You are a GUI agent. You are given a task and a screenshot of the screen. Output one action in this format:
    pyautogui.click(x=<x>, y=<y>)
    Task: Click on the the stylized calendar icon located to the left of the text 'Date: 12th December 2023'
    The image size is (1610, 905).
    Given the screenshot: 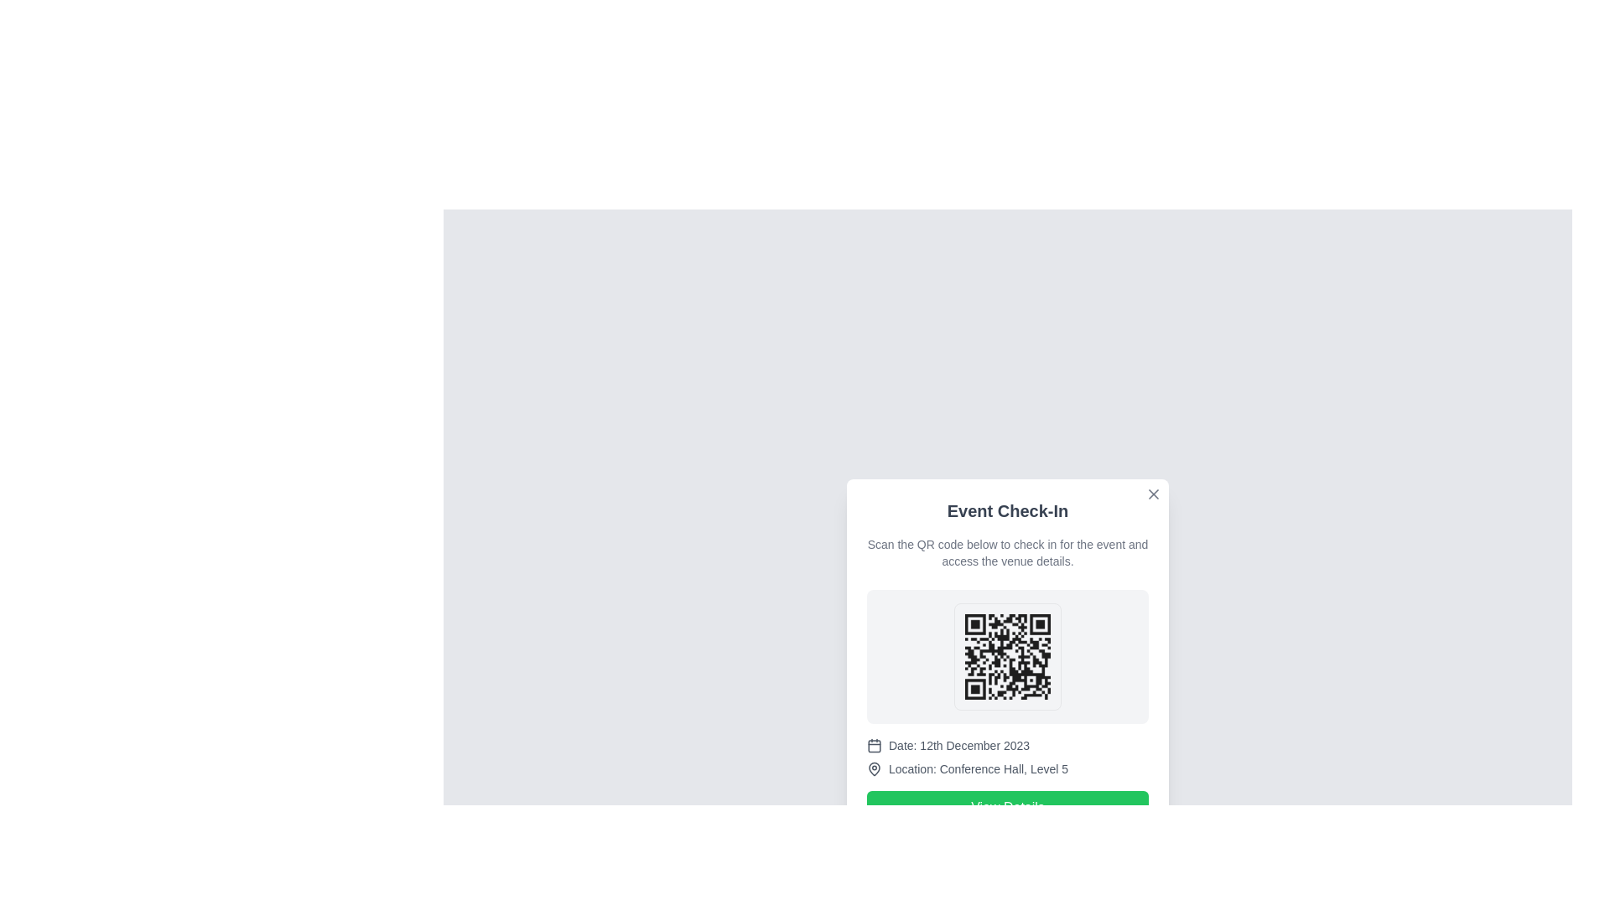 What is the action you would take?
    pyautogui.click(x=873, y=745)
    